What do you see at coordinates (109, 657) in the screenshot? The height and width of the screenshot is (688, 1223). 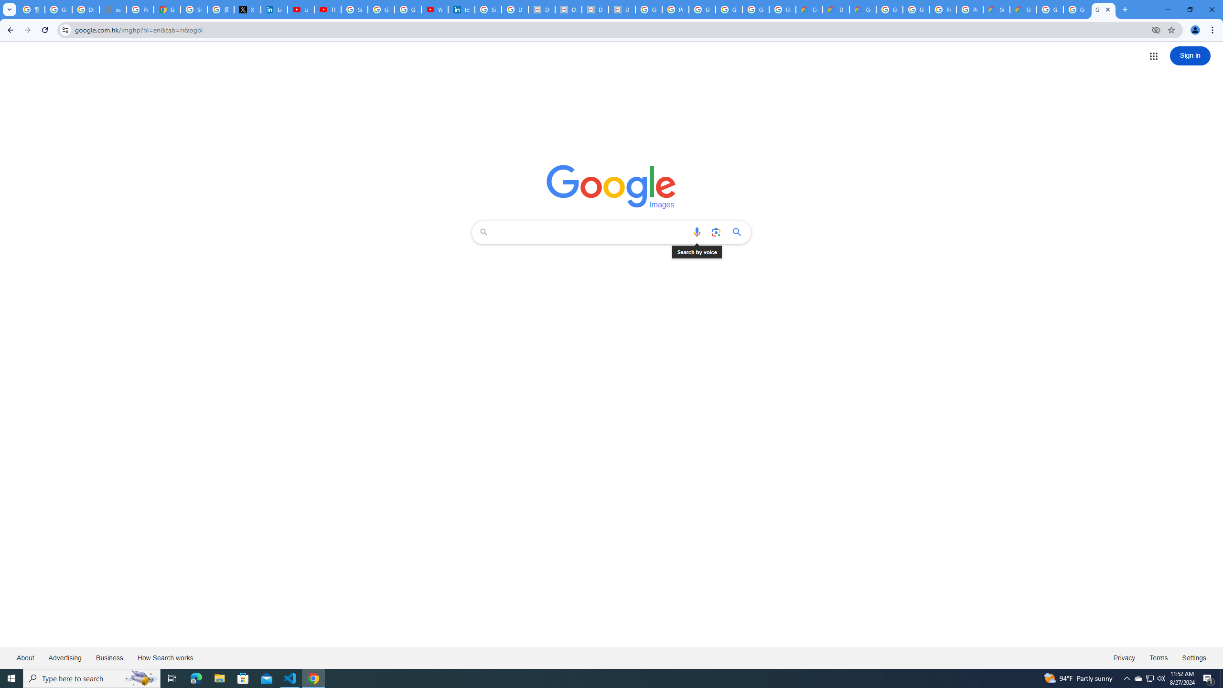 I see `'Business'` at bounding box center [109, 657].